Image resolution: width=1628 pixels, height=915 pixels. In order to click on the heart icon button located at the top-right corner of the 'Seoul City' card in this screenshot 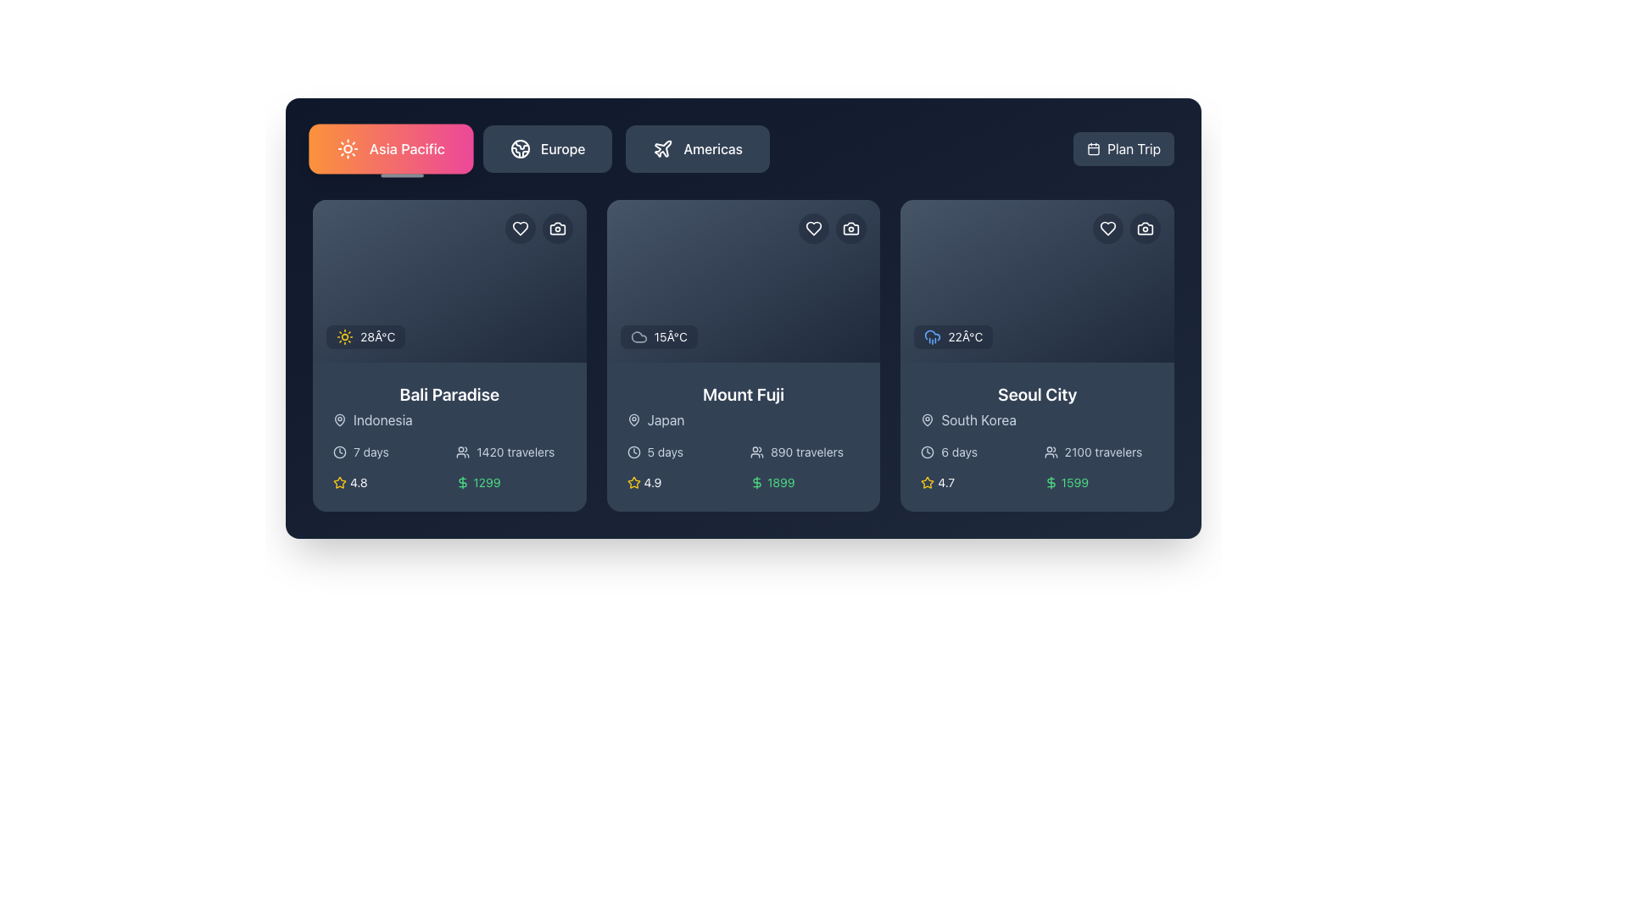, I will do `click(1107, 229)`.